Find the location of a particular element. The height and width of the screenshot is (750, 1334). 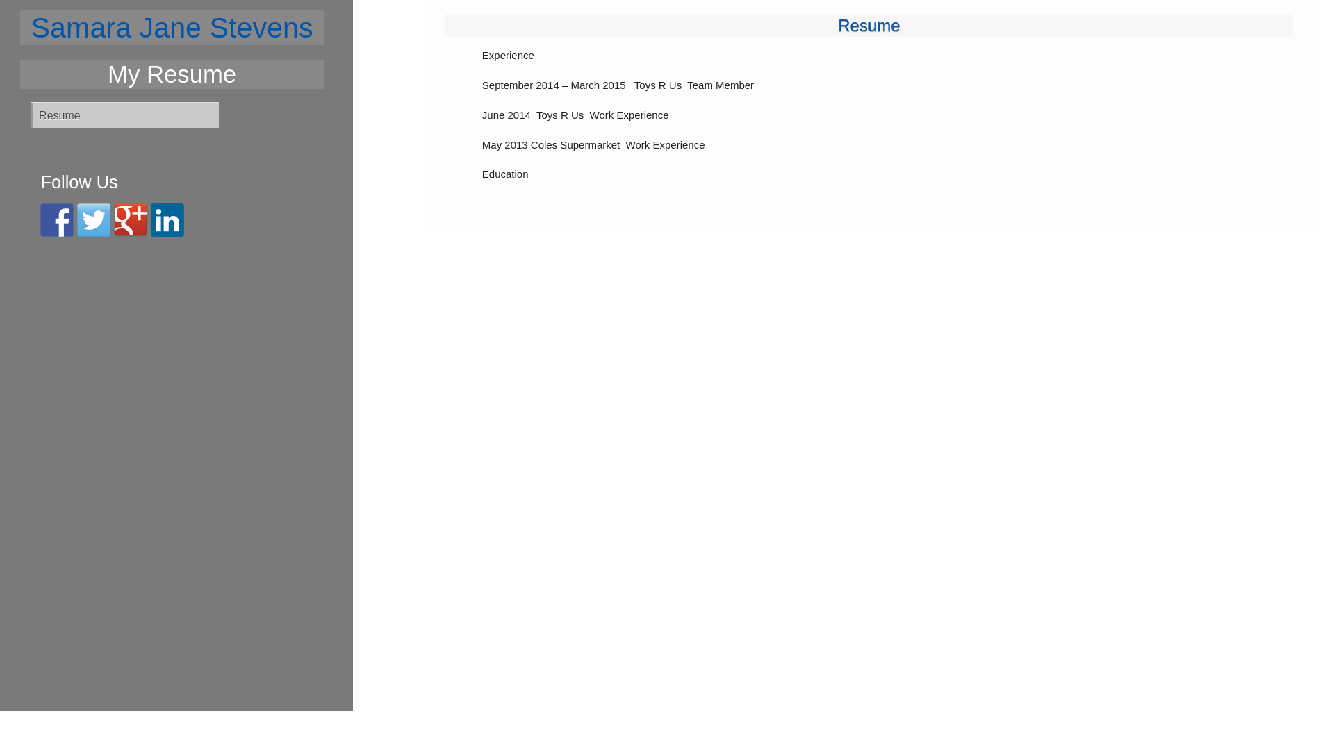

'Resume' is located at coordinates (868, 25).